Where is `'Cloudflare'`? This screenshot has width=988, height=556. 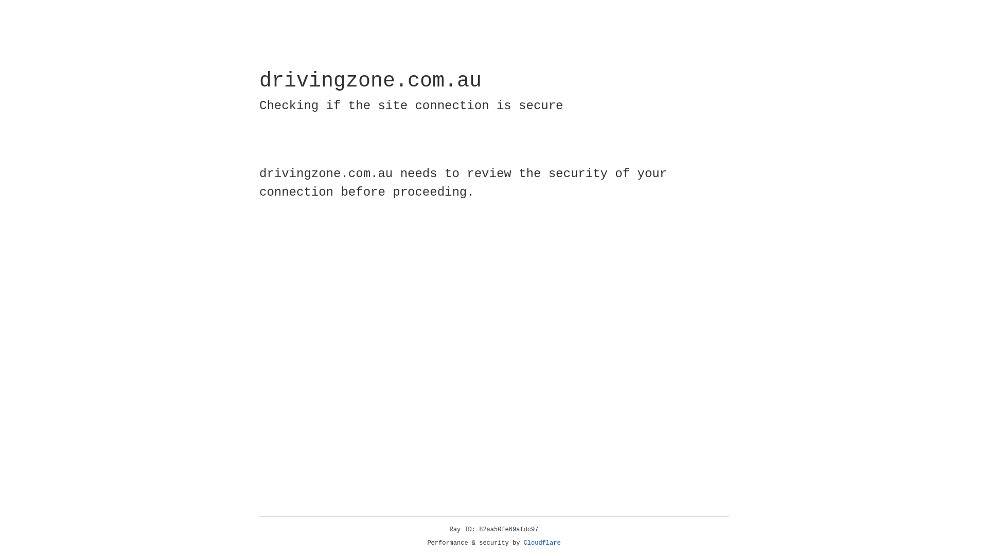 'Cloudflare' is located at coordinates (542, 543).